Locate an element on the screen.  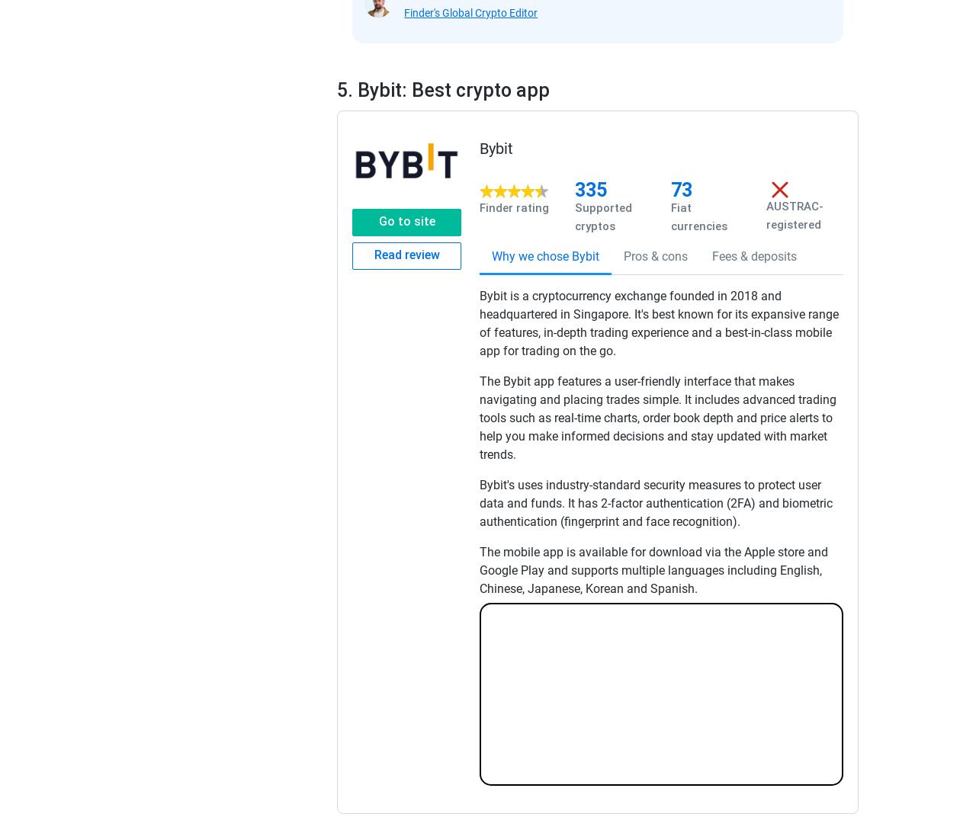
'Fees & deposits' is located at coordinates (754, 255).